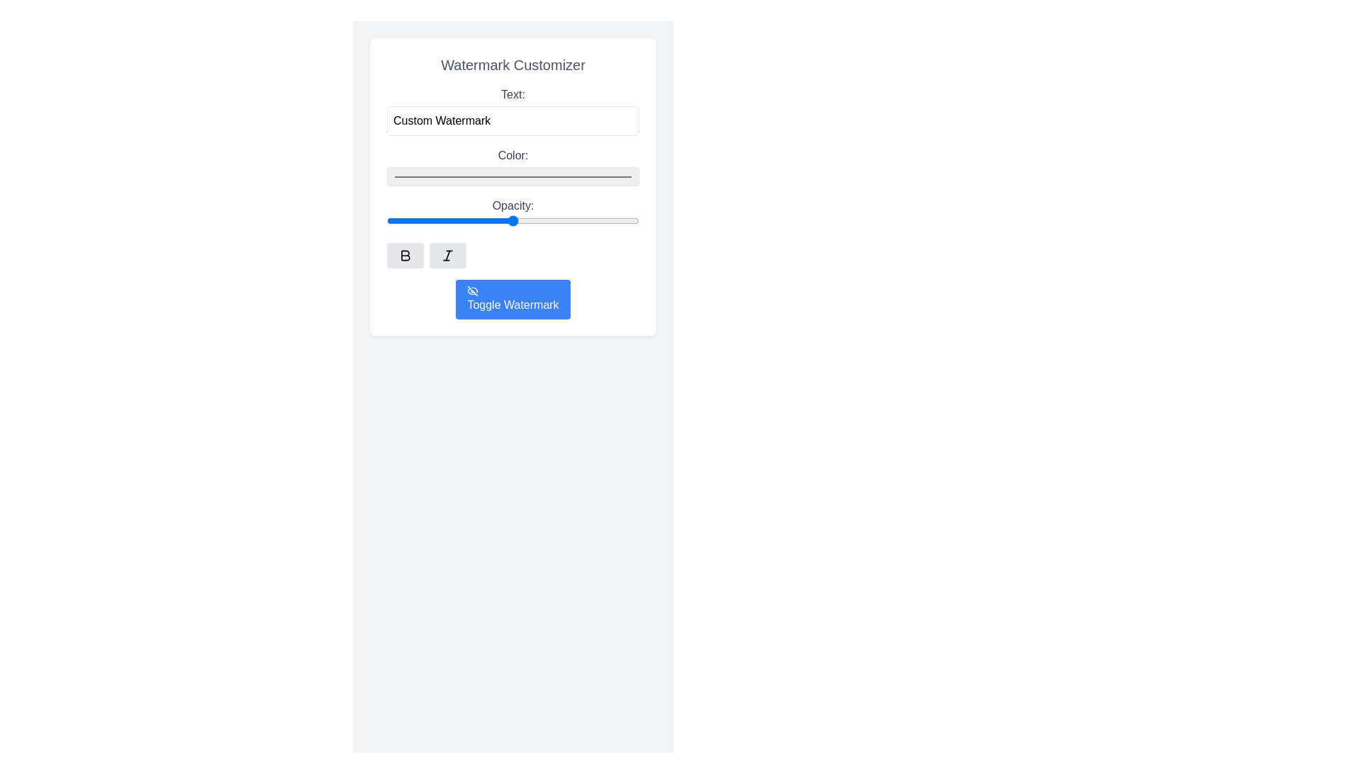 This screenshot has height=765, width=1361. What do you see at coordinates (447, 256) in the screenshot?
I see `the italic formatting button, which has a gray background and an 'I' icon, located to the right of the bold formatting button` at bounding box center [447, 256].